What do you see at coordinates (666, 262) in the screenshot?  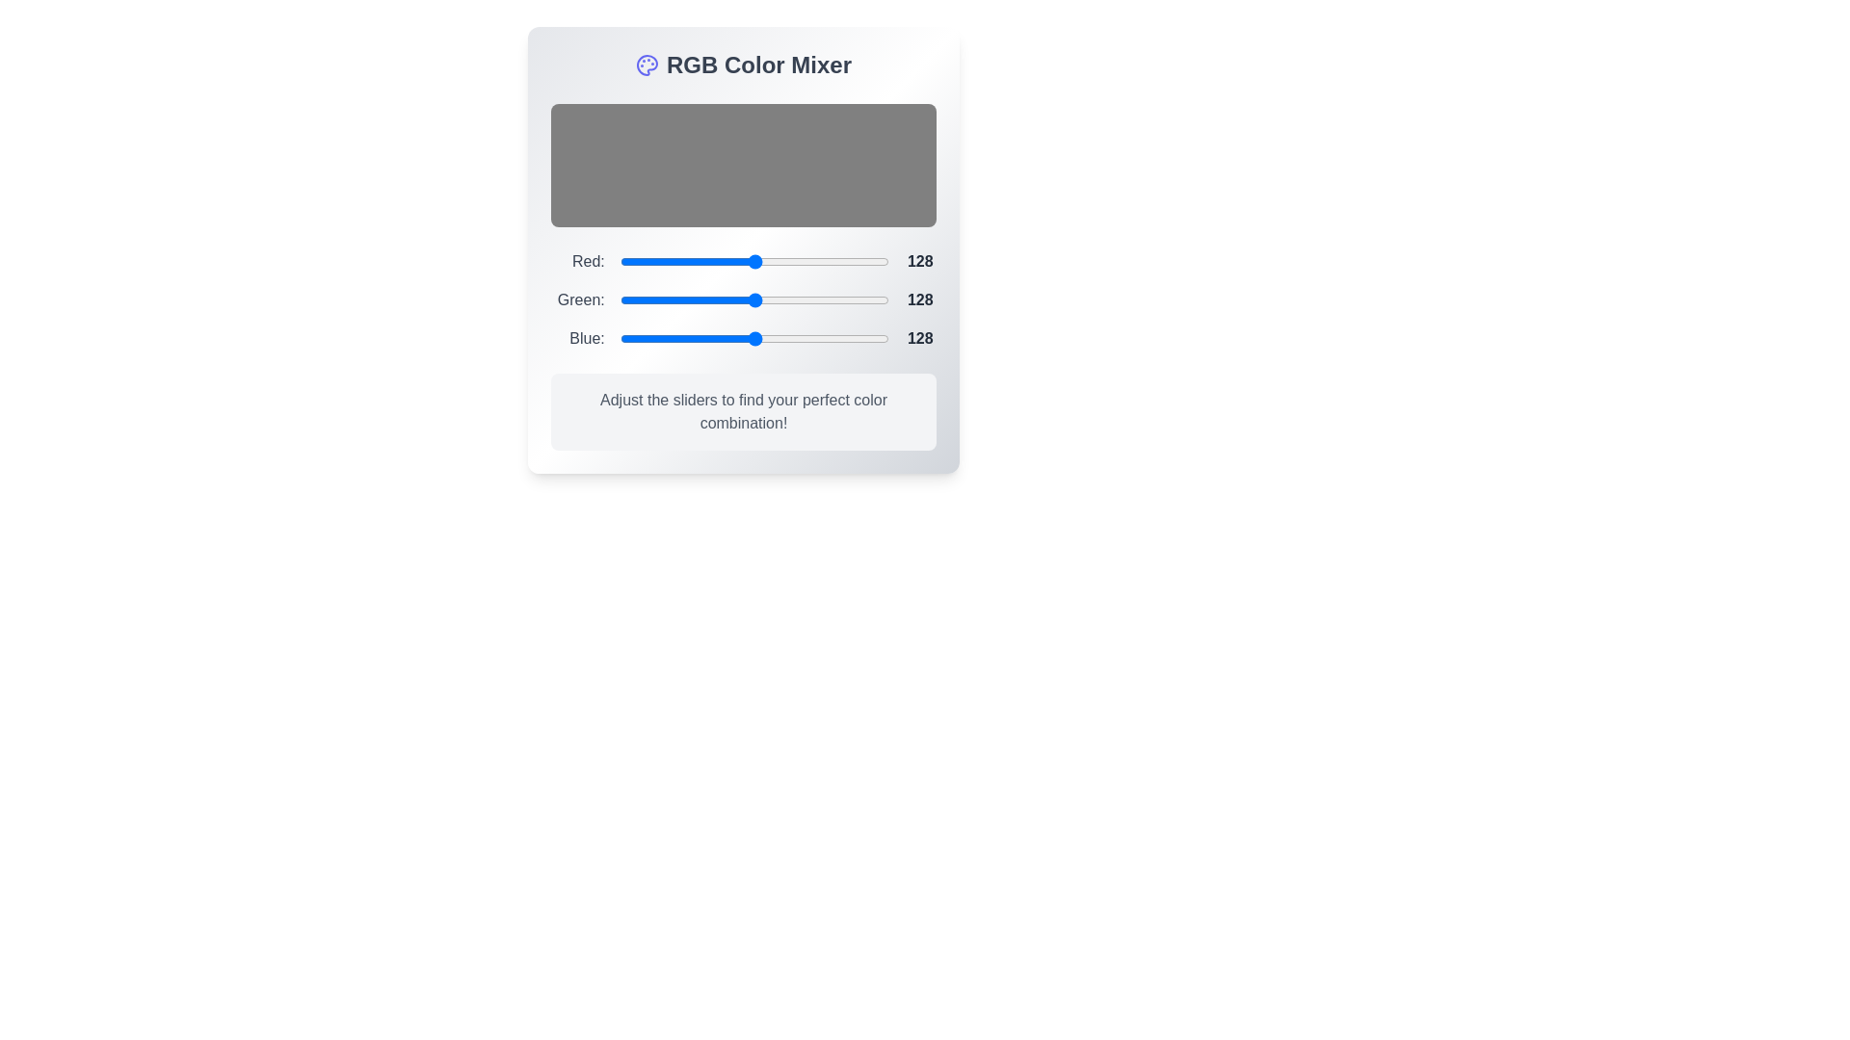 I see `the 0 slider to 44` at bounding box center [666, 262].